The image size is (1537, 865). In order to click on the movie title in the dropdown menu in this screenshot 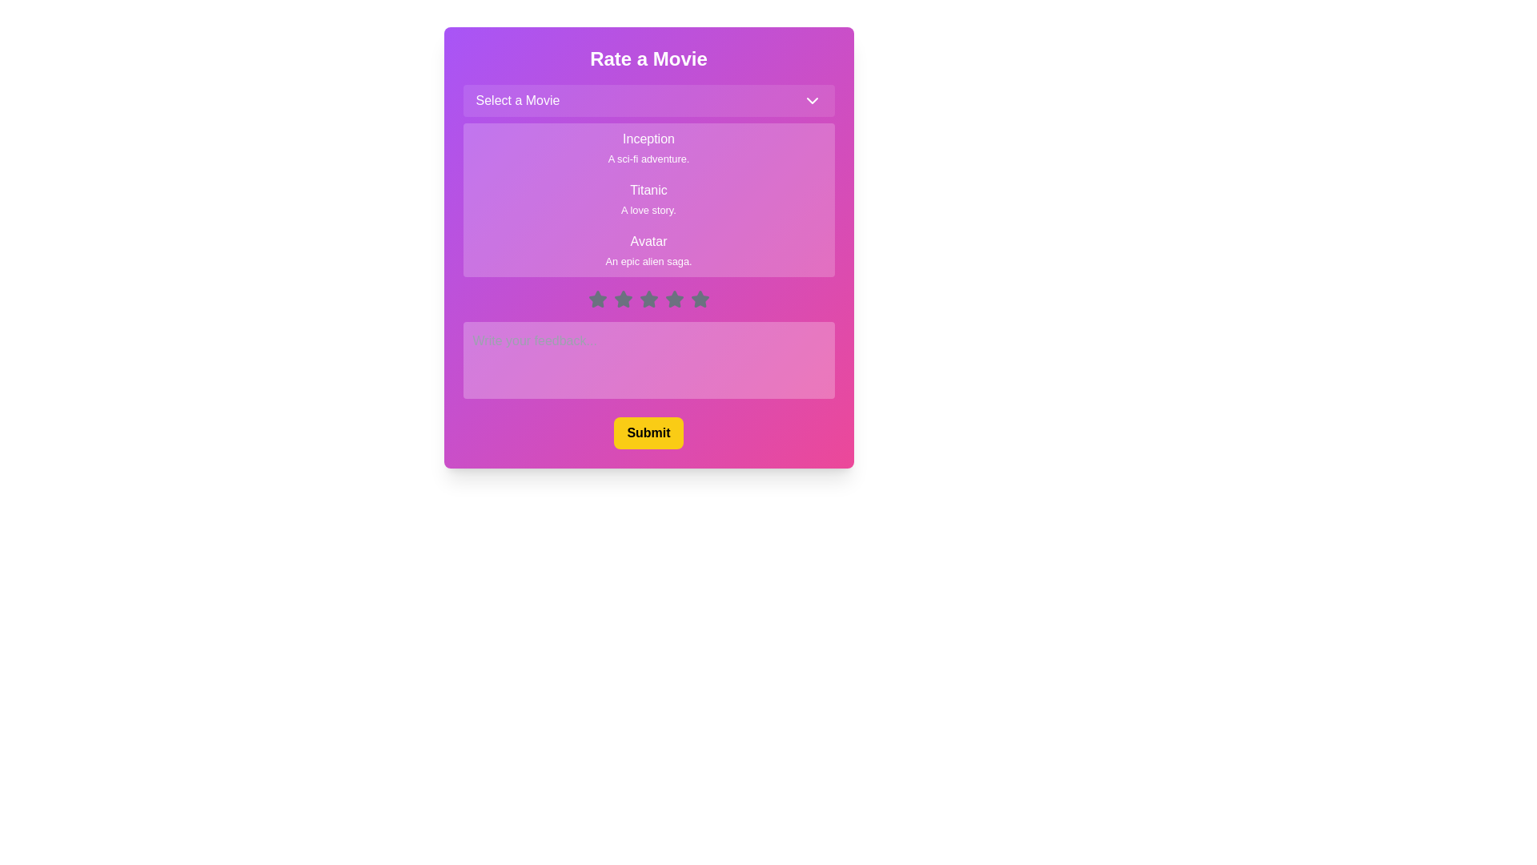, I will do `click(648, 180)`.